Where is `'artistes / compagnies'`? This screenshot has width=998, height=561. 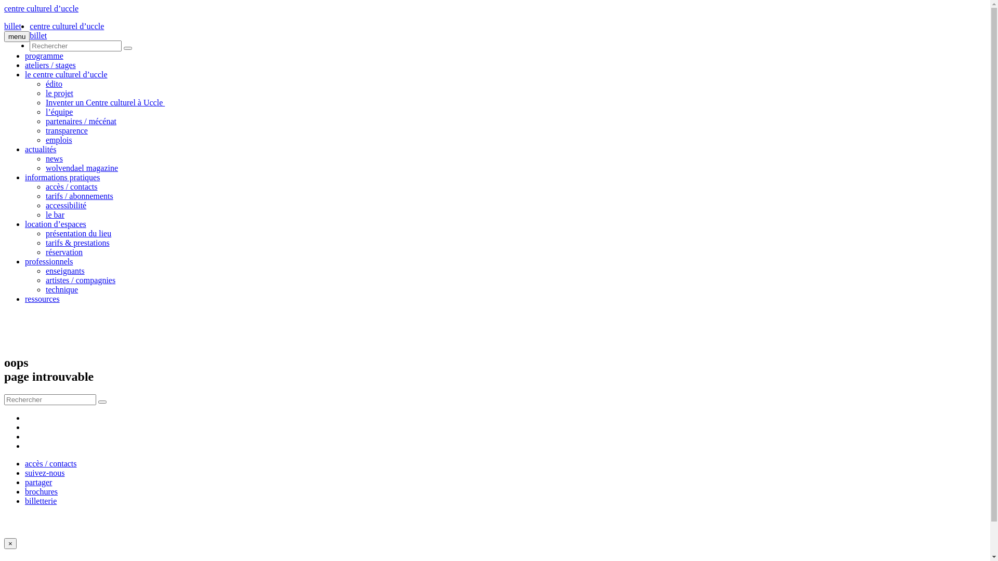 'artistes / compagnies' is located at coordinates (80, 279).